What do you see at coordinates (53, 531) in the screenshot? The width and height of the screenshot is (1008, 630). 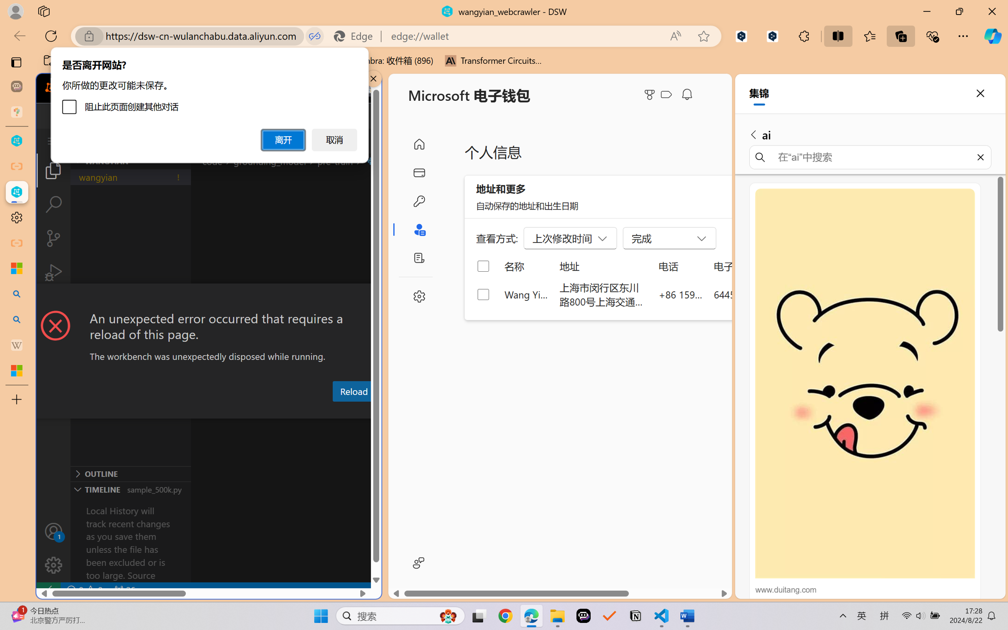 I see `'Accounts - Sign in requested'` at bounding box center [53, 531].